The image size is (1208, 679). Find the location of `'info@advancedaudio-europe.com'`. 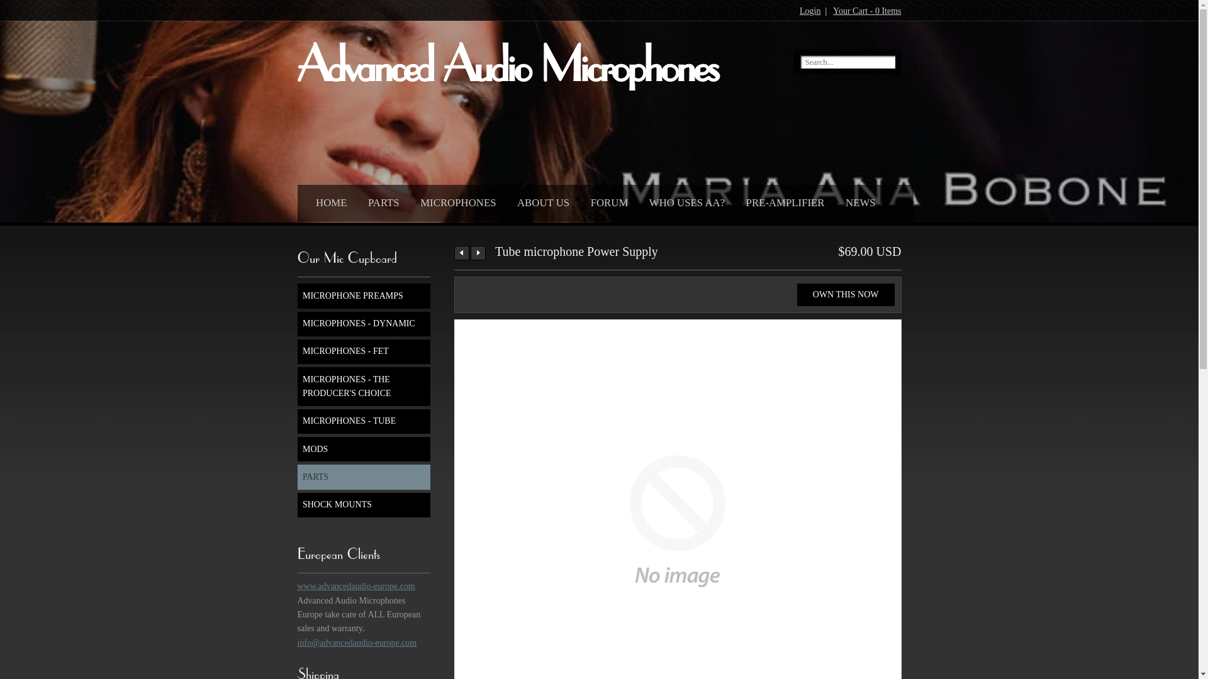

'info@advancedaudio-europe.com' is located at coordinates (355, 643).